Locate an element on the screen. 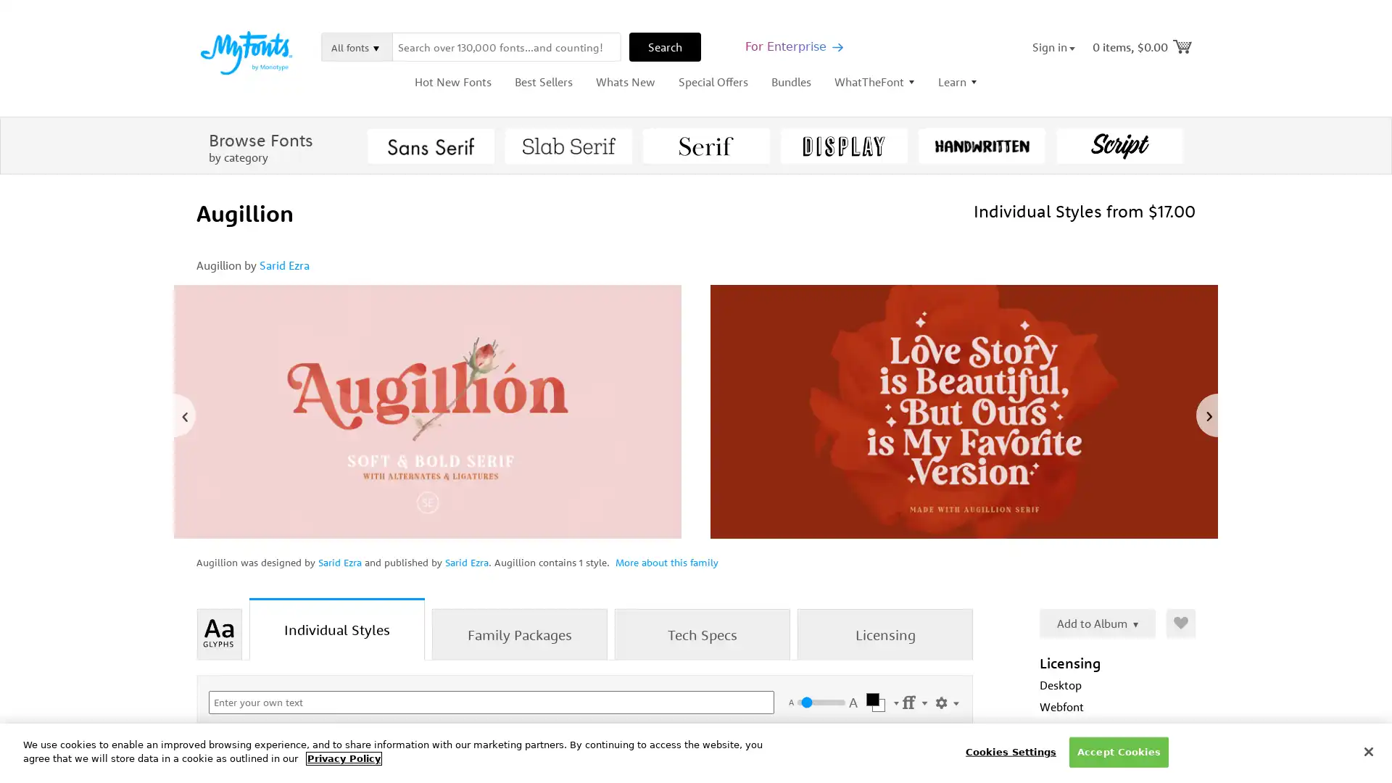 The width and height of the screenshot is (1392, 783). Settings Menu is located at coordinates (914, 702).